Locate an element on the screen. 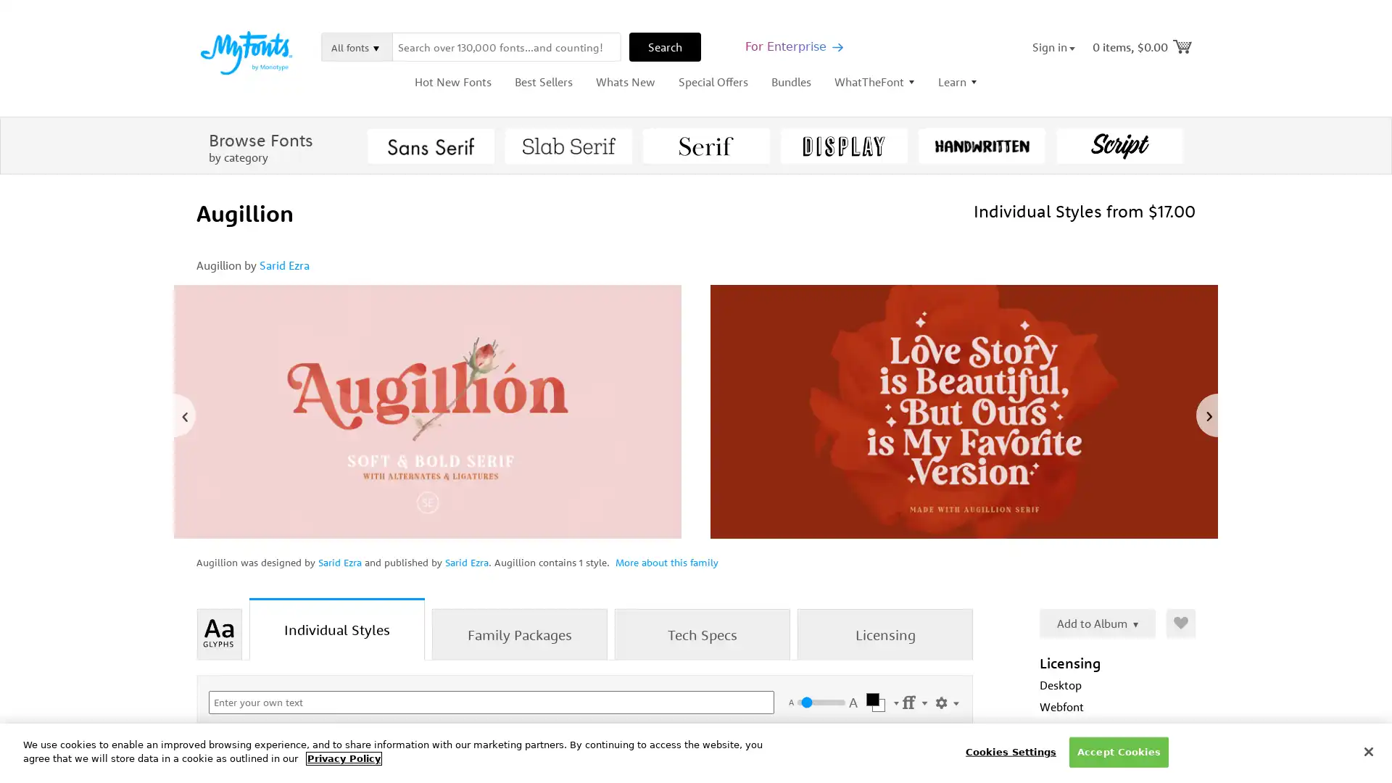 The width and height of the screenshot is (1392, 783). Settings Menu is located at coordinates (914, 702).